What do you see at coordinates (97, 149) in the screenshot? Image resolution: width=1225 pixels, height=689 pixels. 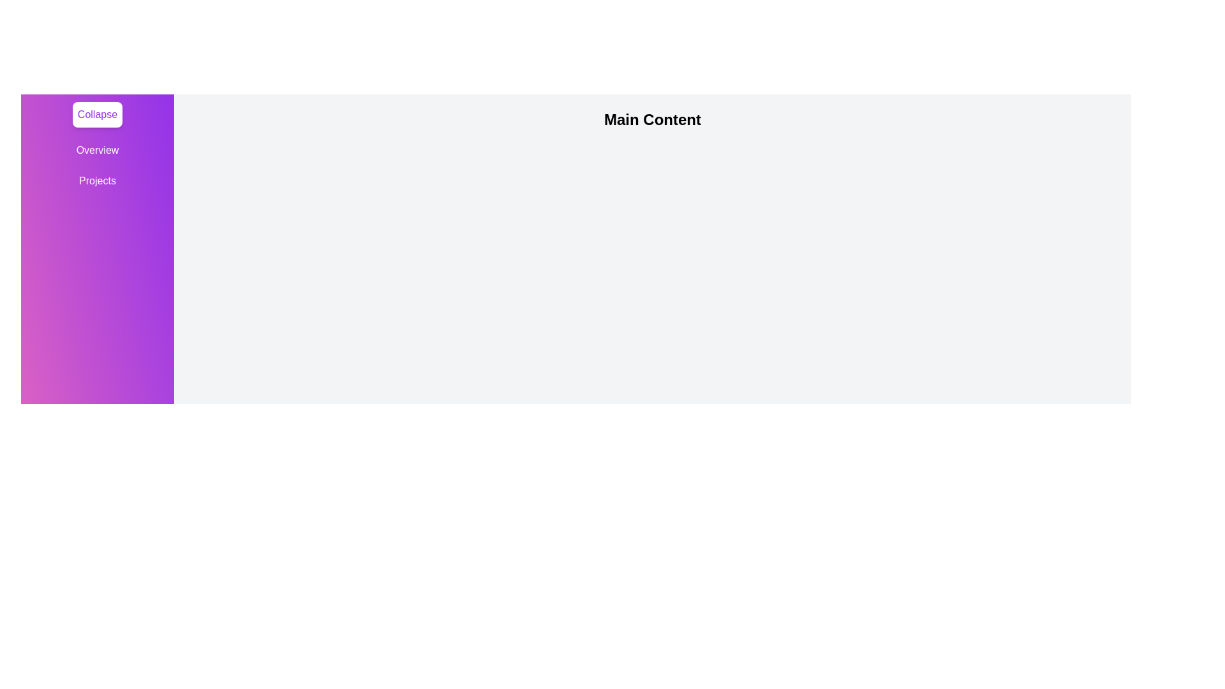 I see `the tab Overview from the drawer` at bounding box center [97, 149].